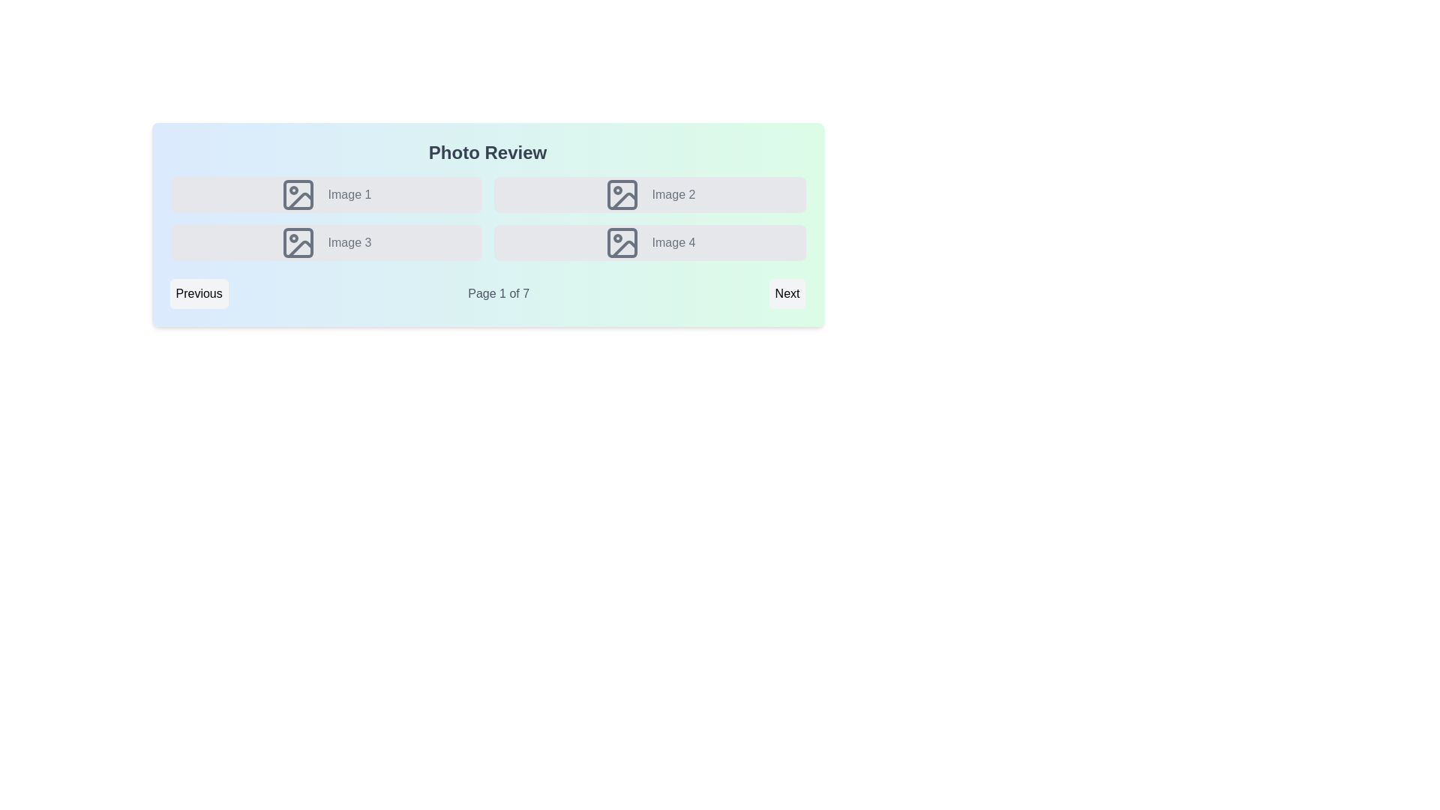 This screenshot has width=1440, height=810. What do you see at coordinates (622, 242) in the screenshot?
I see `the 'Image 4' icon in the bottom-right section of the 'Photo Review' interface to visually represent the image placeholder` at bounding box center [622, 242].